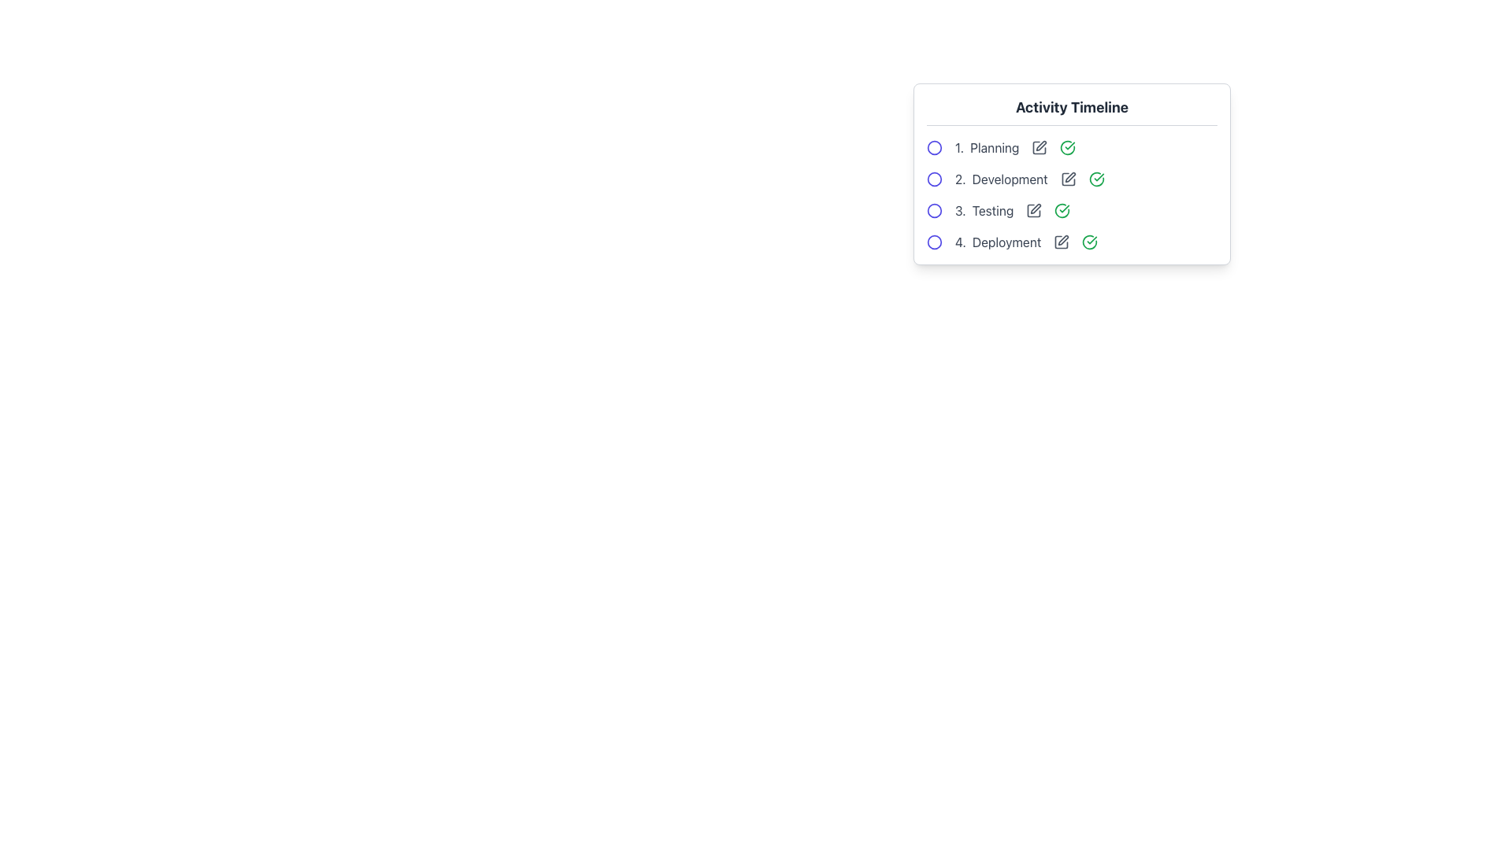 The width and height of the screenshot is (1512, 850). I want to click on the small circle graphical component within the 'Development' icon in the second row of the 'Activity Timeline' list, so click(934, 178).